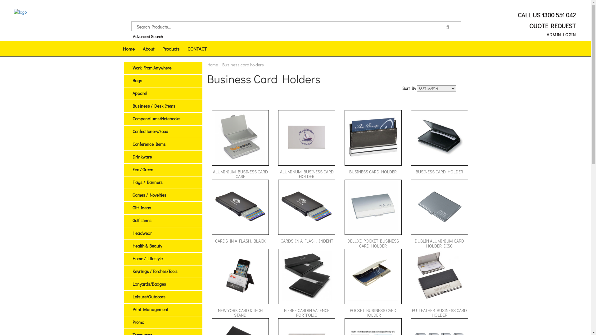  I want to click on 'About', so click(148, 48).